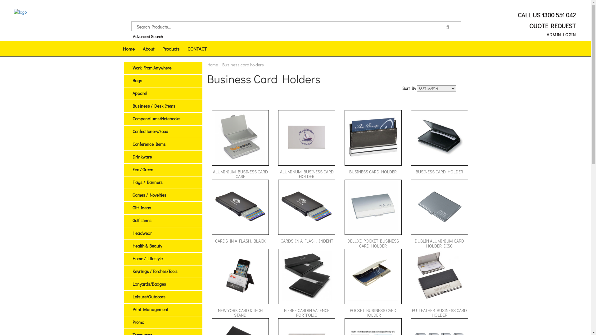  I want to click on 'About', so click(148, 48).